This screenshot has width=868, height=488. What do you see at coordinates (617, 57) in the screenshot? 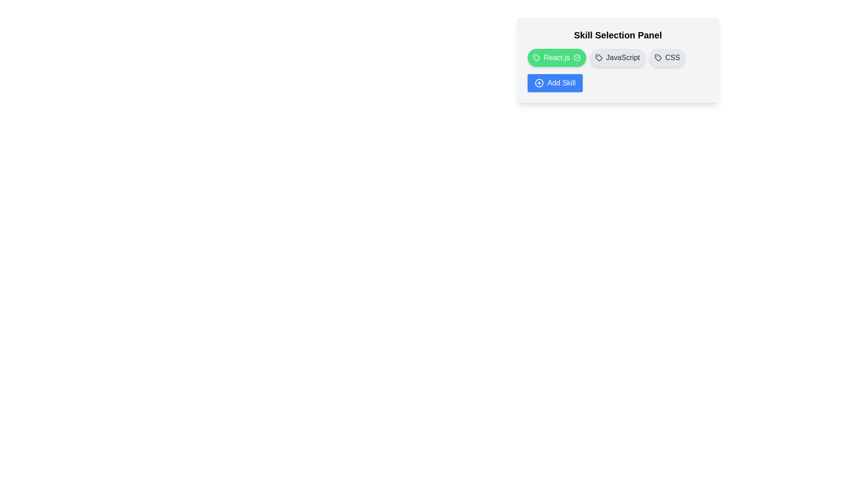
I see `the 'JavaScript' skill tag button in the Skill Selection Panel` at bounding box center [617, 57].